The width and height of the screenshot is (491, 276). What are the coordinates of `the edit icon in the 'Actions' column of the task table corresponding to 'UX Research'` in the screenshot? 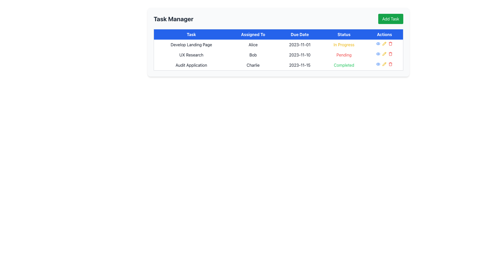 It's located at (384, 43).